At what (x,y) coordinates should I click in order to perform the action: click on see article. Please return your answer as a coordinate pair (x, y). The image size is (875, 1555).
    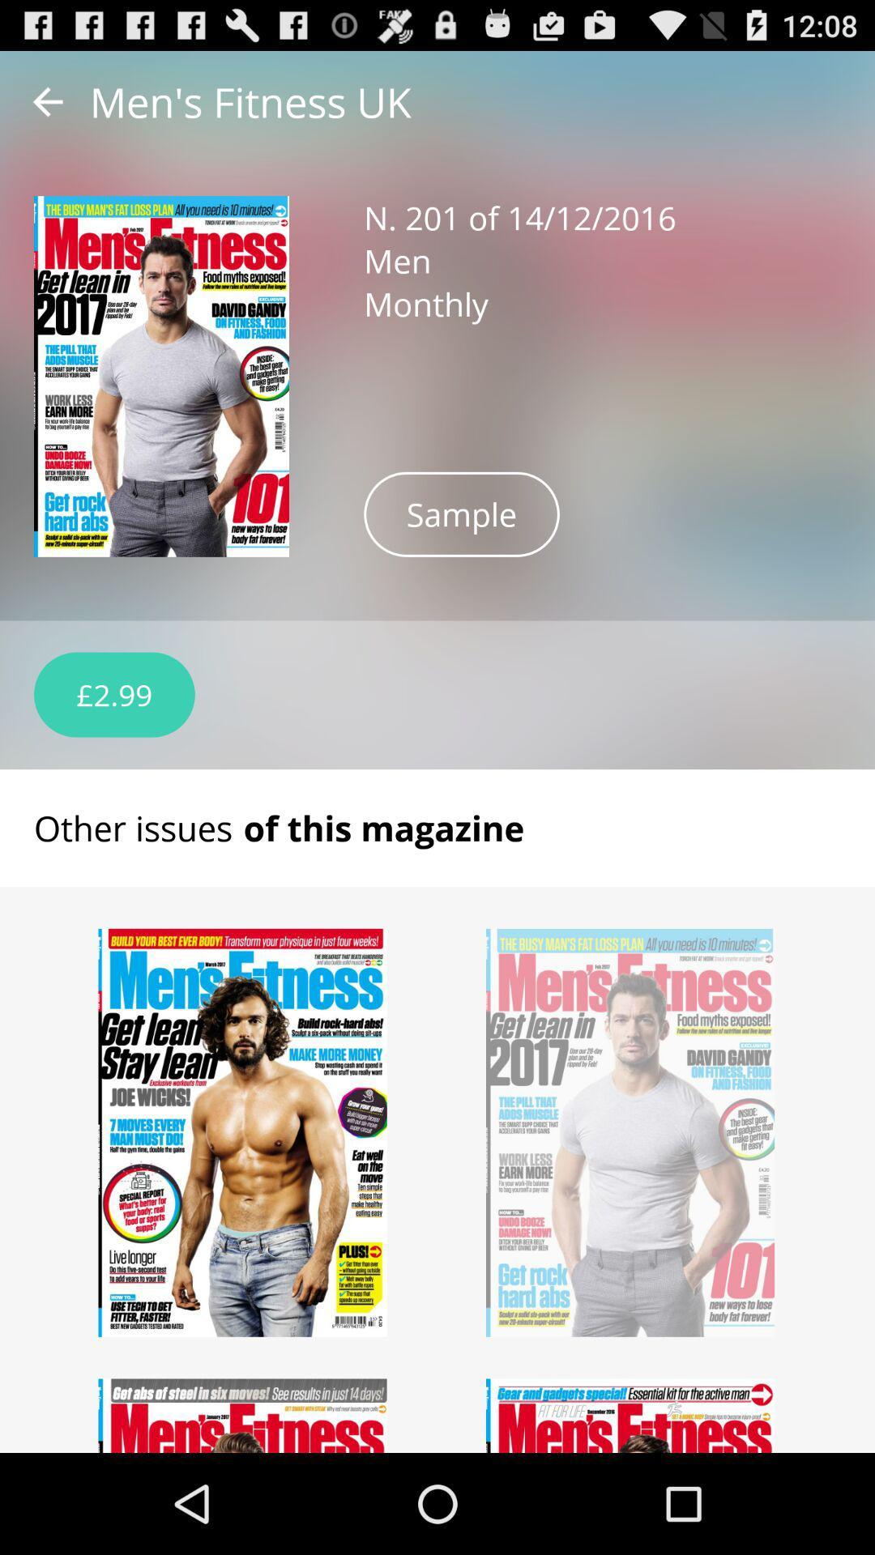
    Looking at the image, I should click on (630, 1415).